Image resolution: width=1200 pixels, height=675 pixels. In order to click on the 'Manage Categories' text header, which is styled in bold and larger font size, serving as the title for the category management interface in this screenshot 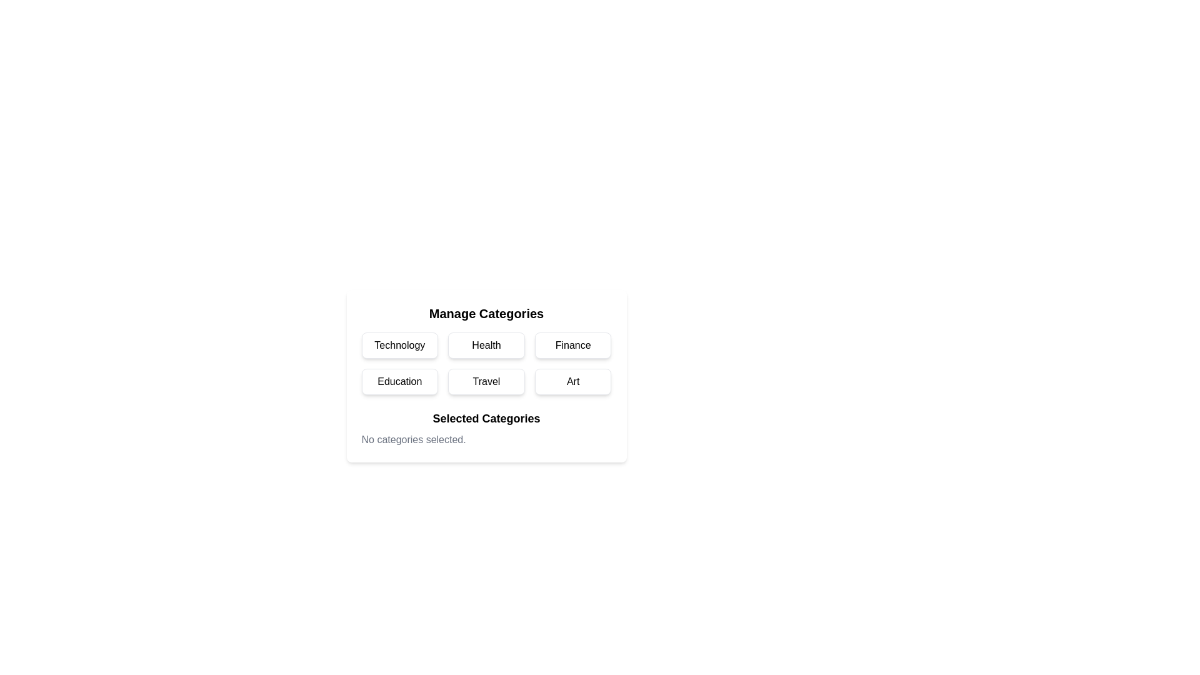, I will do `click(486, 312)`.